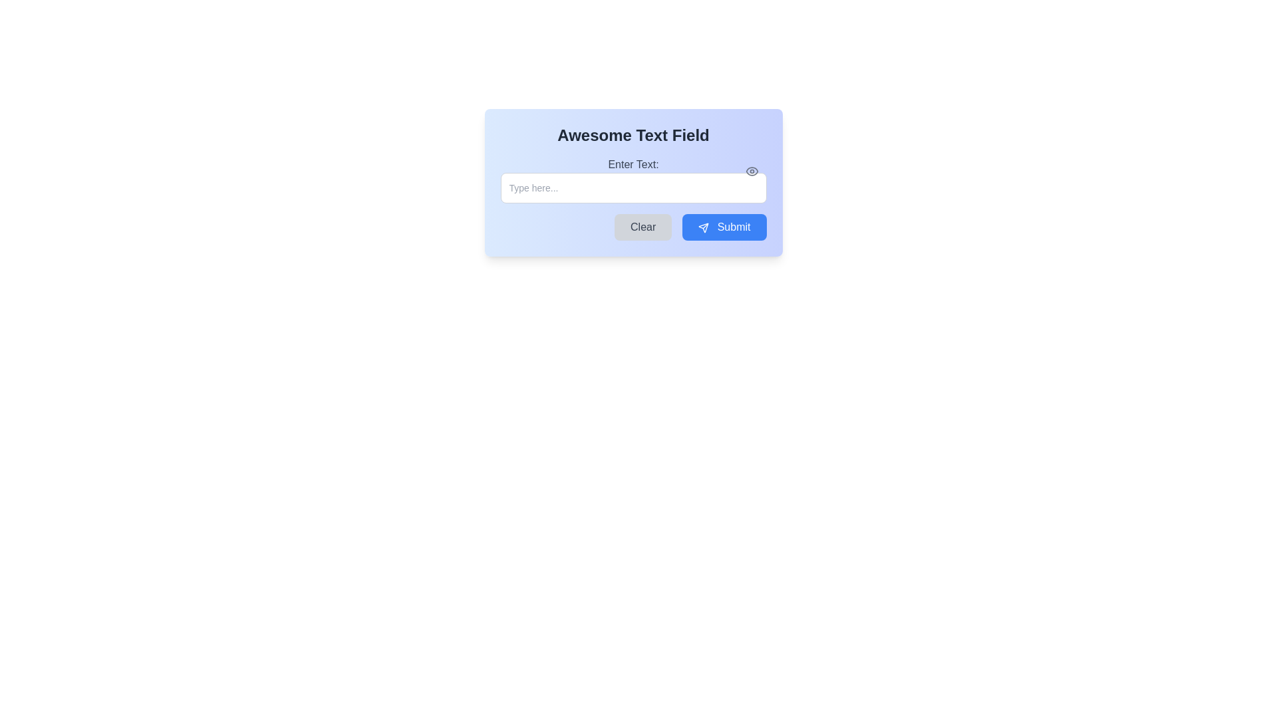 This screenshot has height=718, width=1277. What do you see at coordinates (633, 136) in the screenshot?
I see `the Text Header that serves as a title for the interface component, positioned above the 'Enter Text:' label and input field` at bounding box center [633, 136].